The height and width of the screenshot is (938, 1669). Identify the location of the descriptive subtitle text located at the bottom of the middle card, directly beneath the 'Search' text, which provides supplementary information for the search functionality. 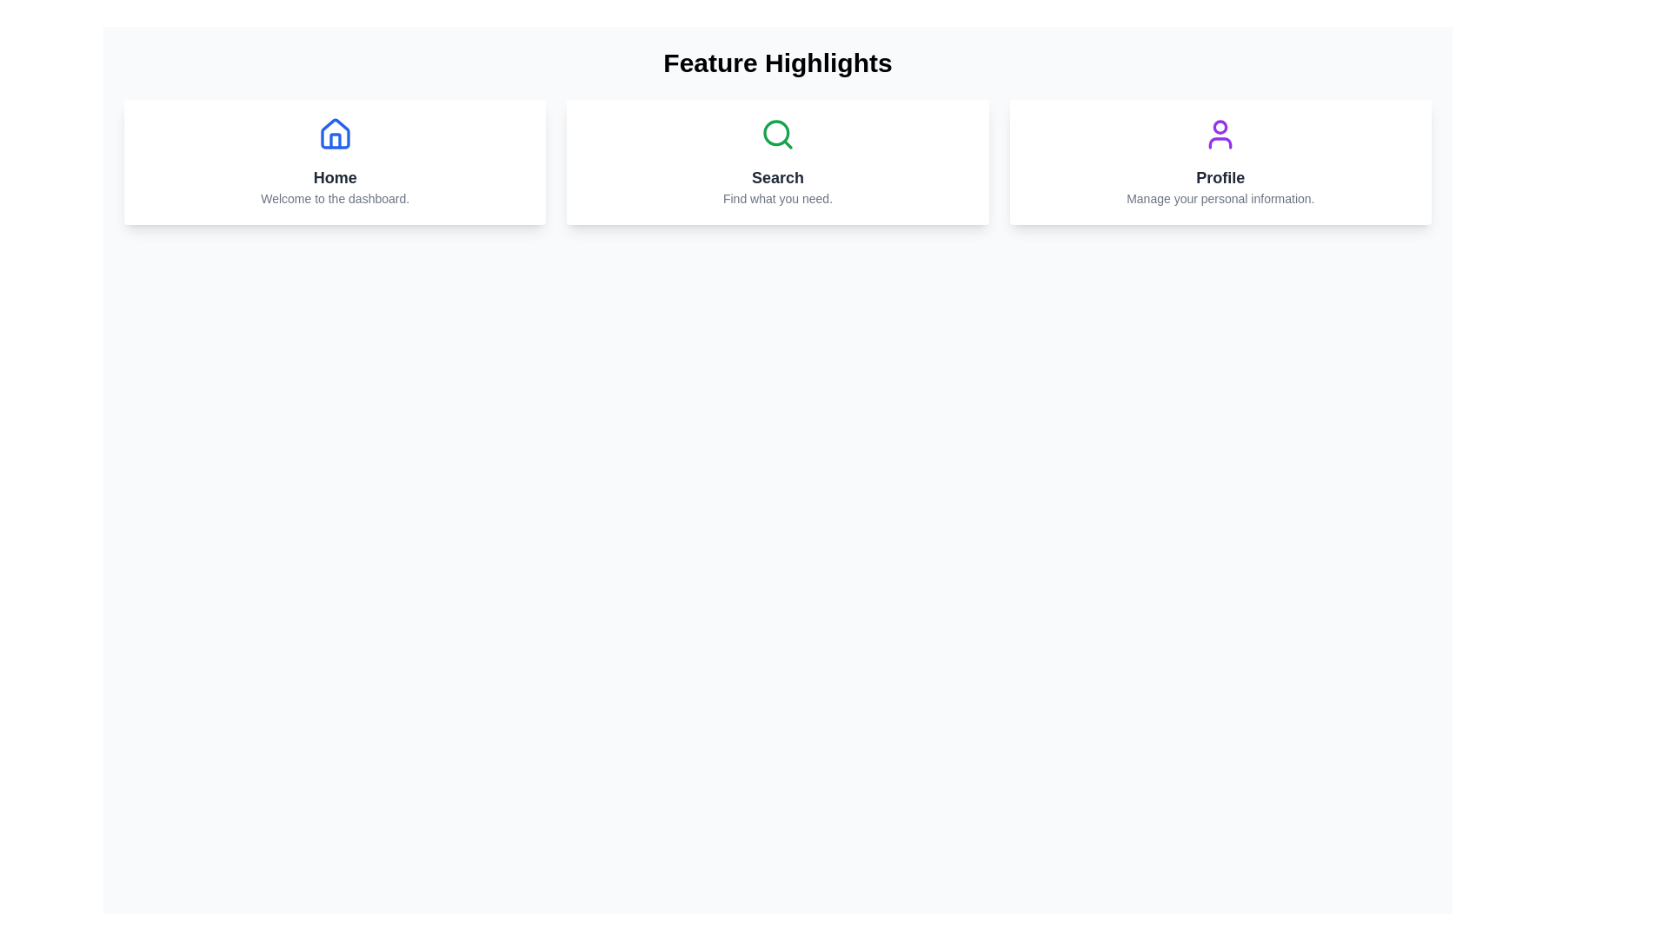
(776, 197).